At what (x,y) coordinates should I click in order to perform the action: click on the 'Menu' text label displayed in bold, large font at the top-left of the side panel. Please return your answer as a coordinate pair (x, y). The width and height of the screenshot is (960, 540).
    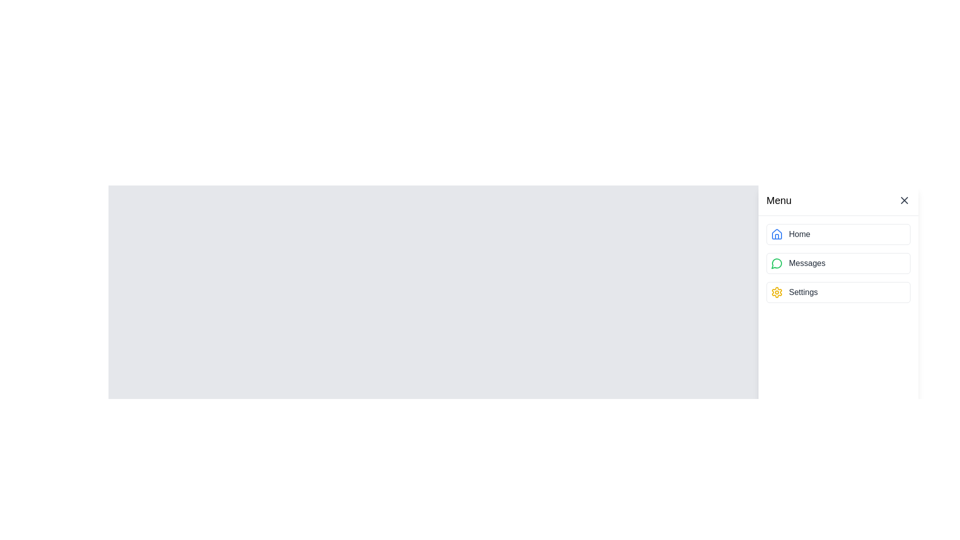
    Looking at the image, I should click on (778, 200).